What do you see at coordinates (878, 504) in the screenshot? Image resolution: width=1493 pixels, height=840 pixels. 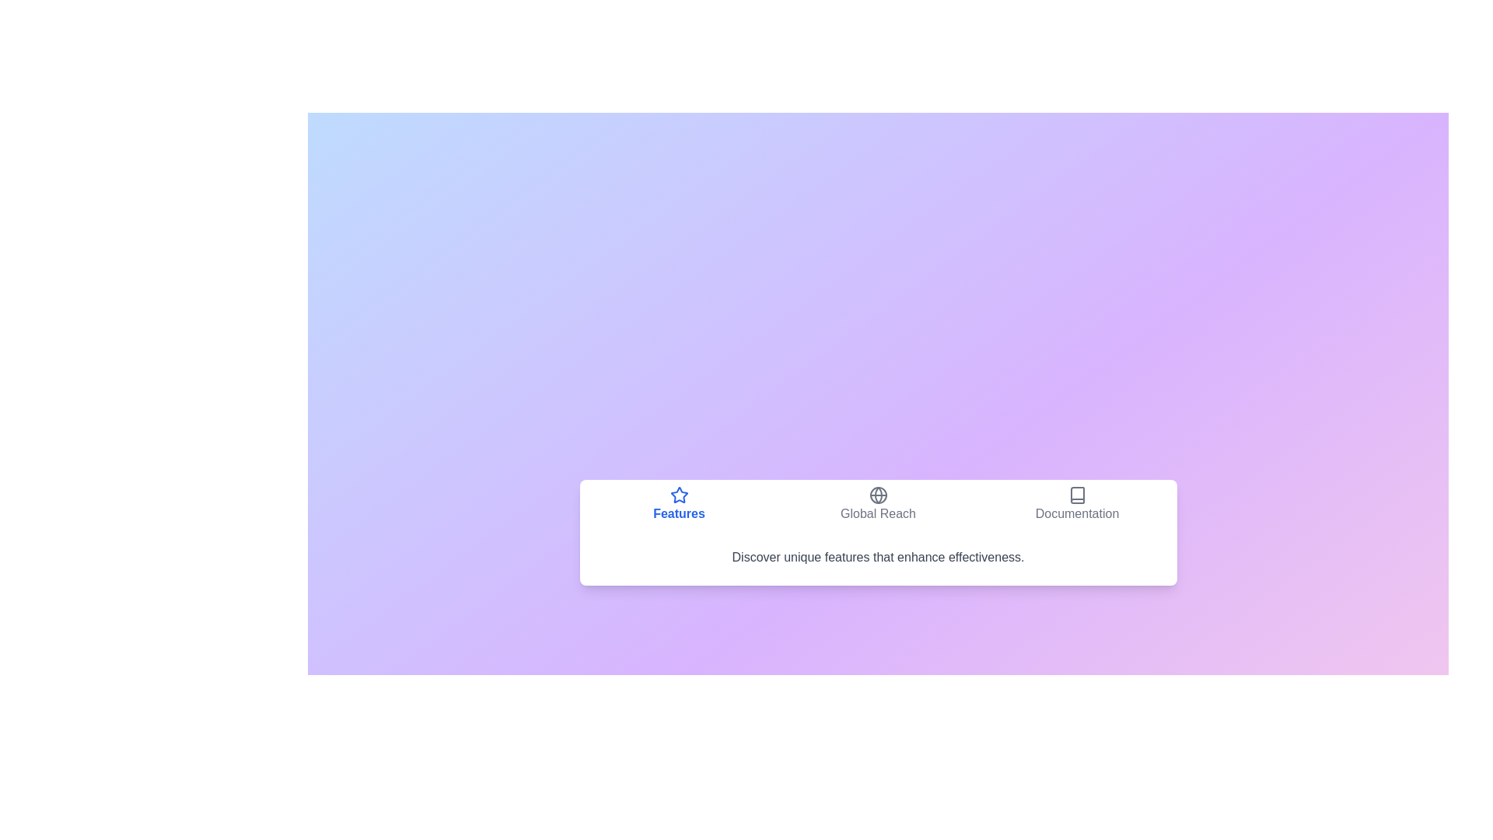 I see `the tab labeled Global Reach` at bounding box center [878, 504].